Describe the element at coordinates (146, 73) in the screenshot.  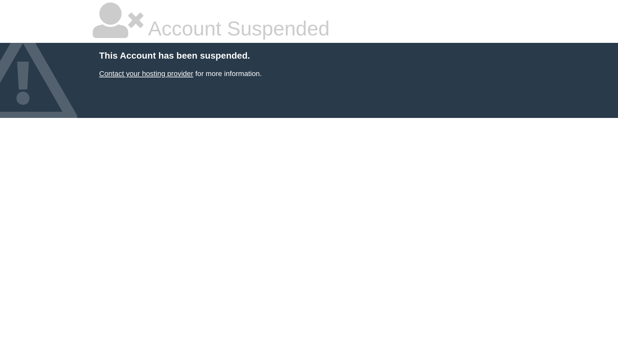
I see `'Contact your hosting provider'` at that location.